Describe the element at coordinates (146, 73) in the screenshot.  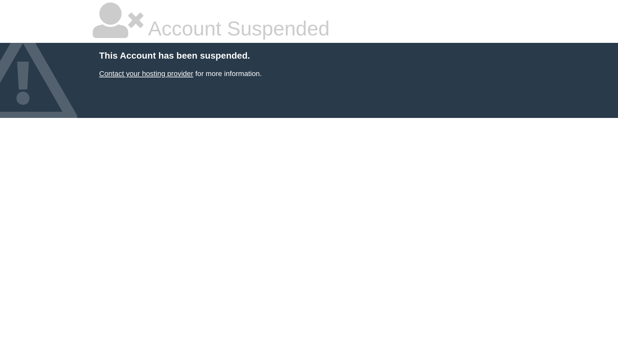
I see `'Contact your hosting provider'` at that location.